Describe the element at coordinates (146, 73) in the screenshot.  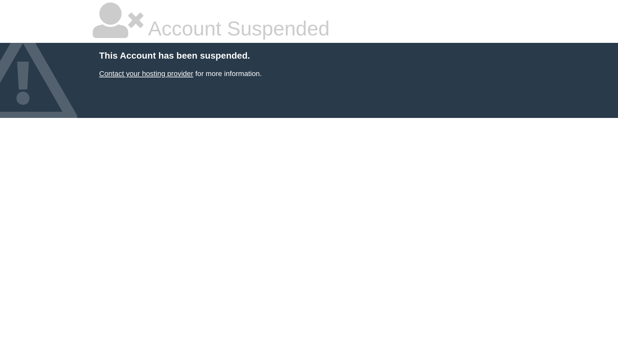
I see `'Contact your hosting provider'` at that location.